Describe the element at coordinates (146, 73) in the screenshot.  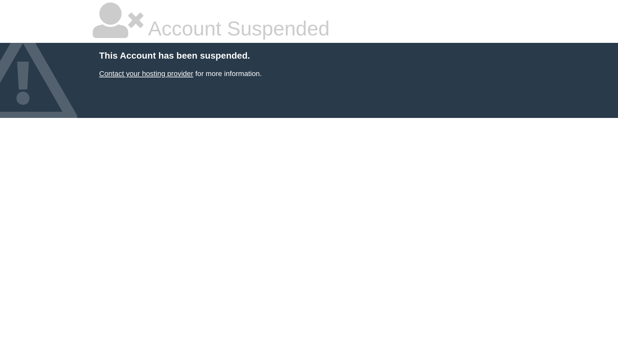
I see `'Contact your hosting provider'` at that location.